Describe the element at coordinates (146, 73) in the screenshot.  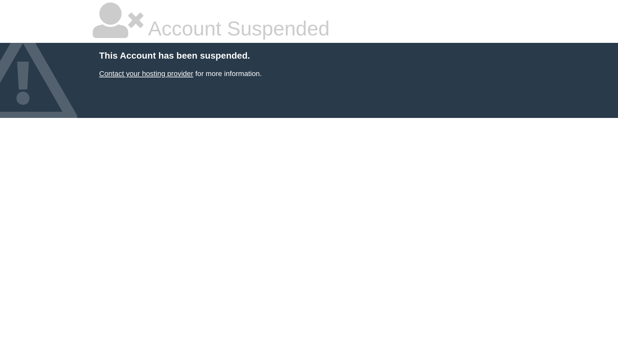
I see `'Contact your hosting provider'` at that location.